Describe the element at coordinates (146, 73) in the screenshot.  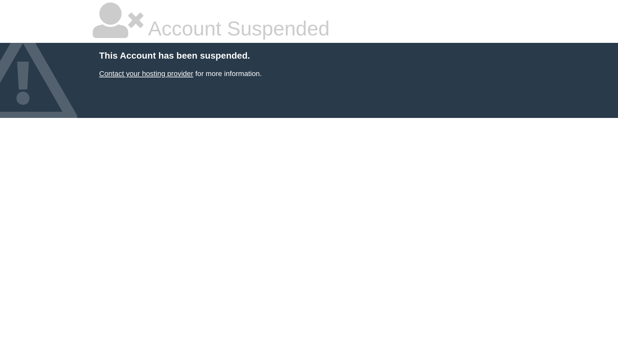
I see `'Contact your hosting provider'` at that location.